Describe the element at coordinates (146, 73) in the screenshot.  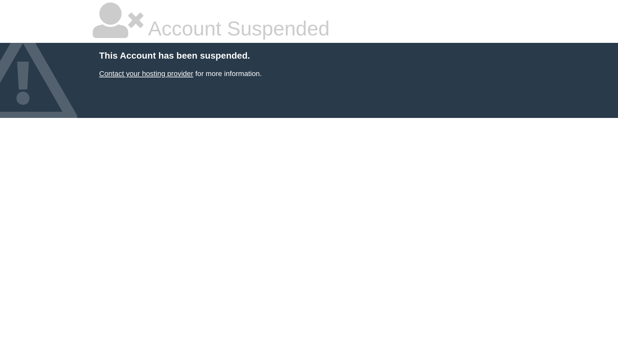
I see `'Contact your hosting provider'` at that location.